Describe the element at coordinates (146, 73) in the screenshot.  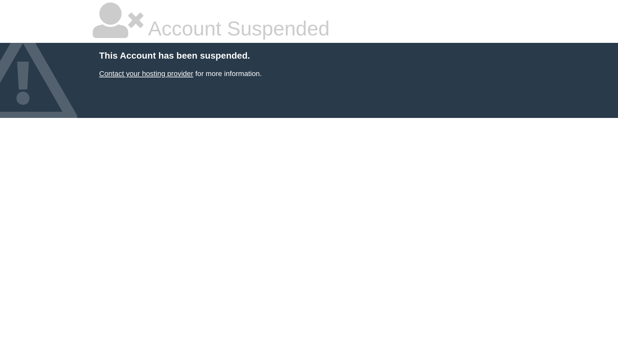
I see `'Contact your hosting provider'` at that location.